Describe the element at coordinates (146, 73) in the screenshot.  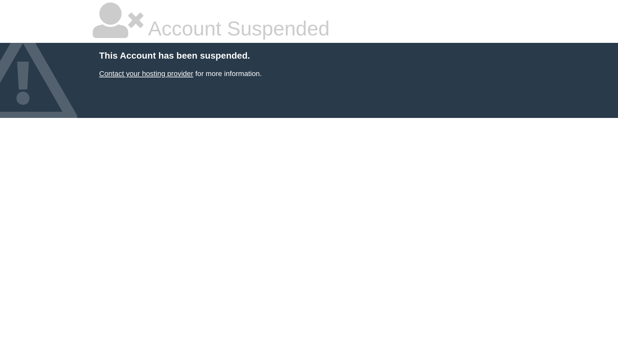
I see `'Contact your hosting provider'` at that location.